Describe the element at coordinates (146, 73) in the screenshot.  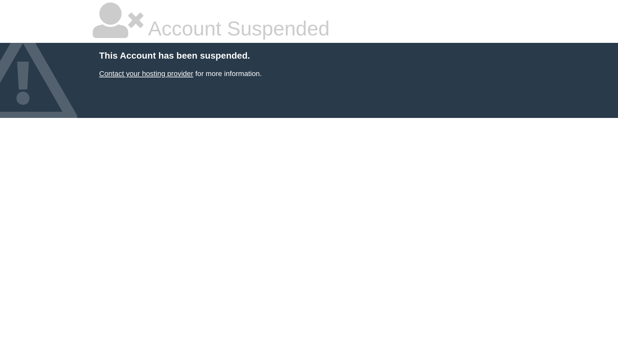
I see `'Contact your hosting provider'` at that location.